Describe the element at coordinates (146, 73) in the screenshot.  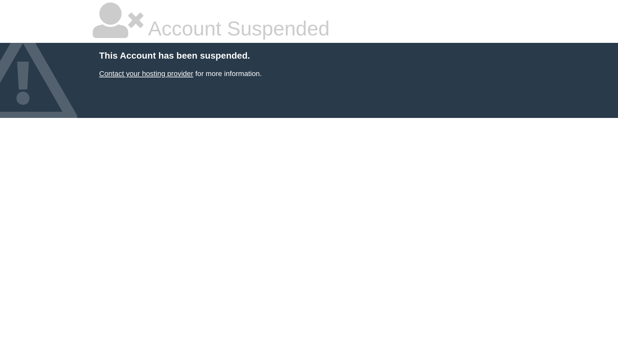
I see `'Contact your hosting provider'` at that location.